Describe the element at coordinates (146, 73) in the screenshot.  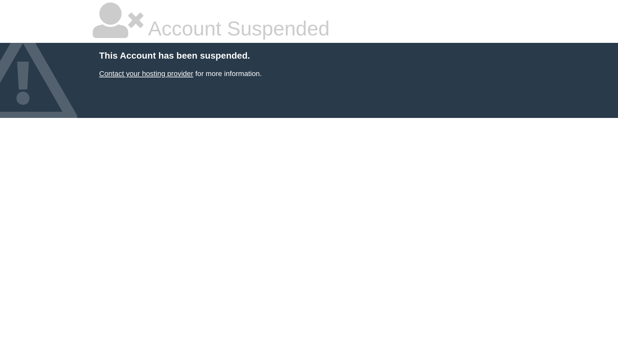
I see `'Contact your hosting provider'` at that location.